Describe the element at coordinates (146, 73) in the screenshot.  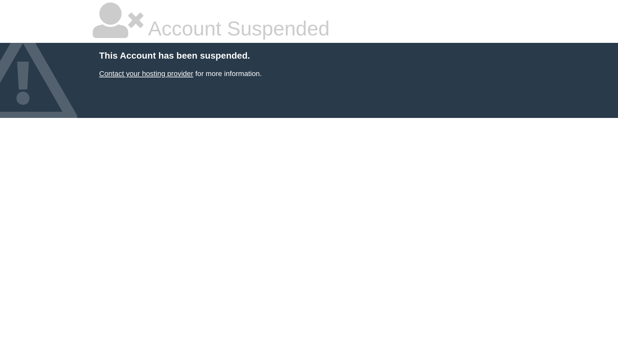
I see `'Contact your hosting provider'` at that location.